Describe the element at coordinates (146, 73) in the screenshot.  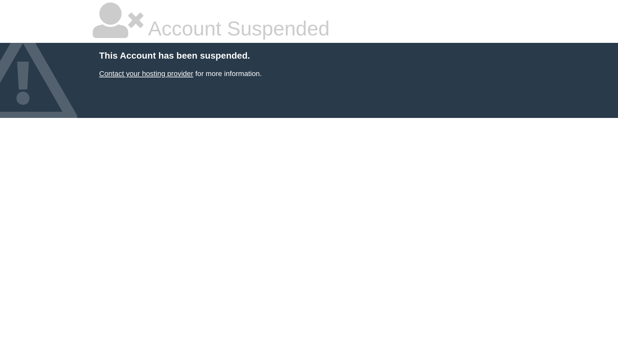
I see `'Contact your hosting provider'` at that location.